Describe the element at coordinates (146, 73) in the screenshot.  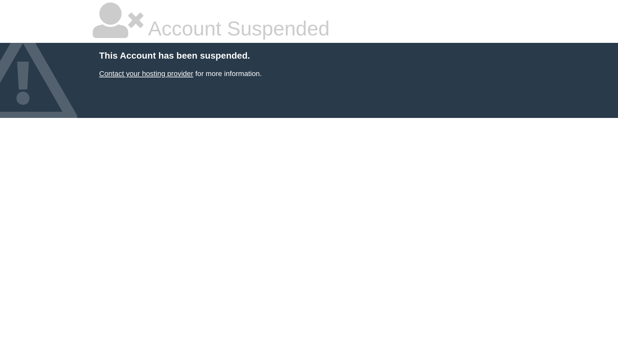
I see `'Contact your hosting provider'` at that location.